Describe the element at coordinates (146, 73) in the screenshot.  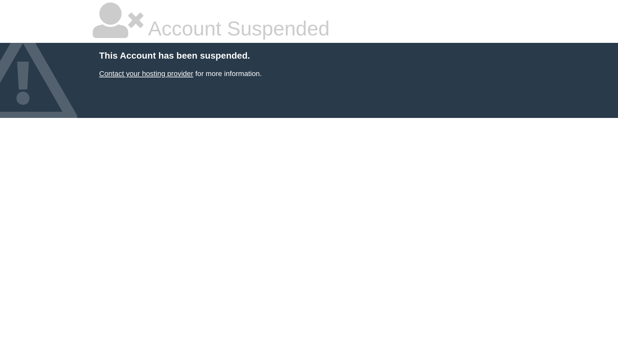
I see `'Contact your hosting provider'` at that location.